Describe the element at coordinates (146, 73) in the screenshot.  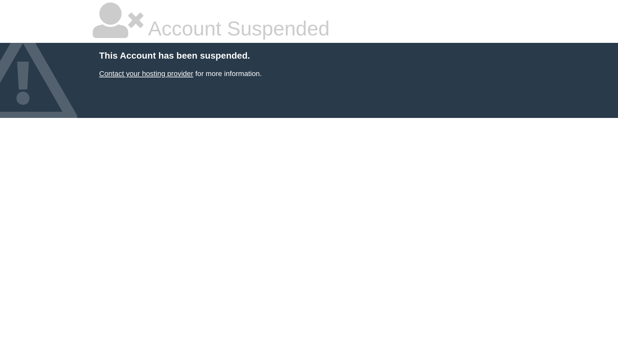
I see `'Contact your hosting provider'` at that location.